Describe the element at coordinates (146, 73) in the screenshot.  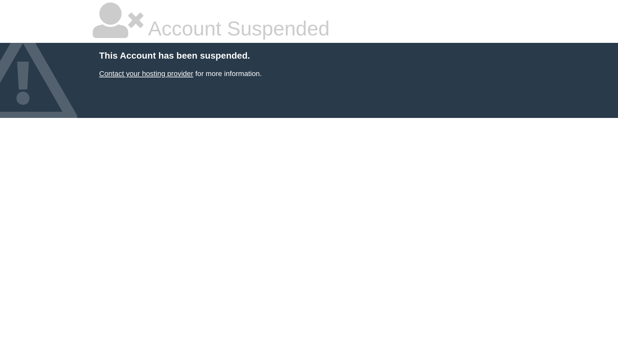
I see `'Contact your hosting provider'` at that location.